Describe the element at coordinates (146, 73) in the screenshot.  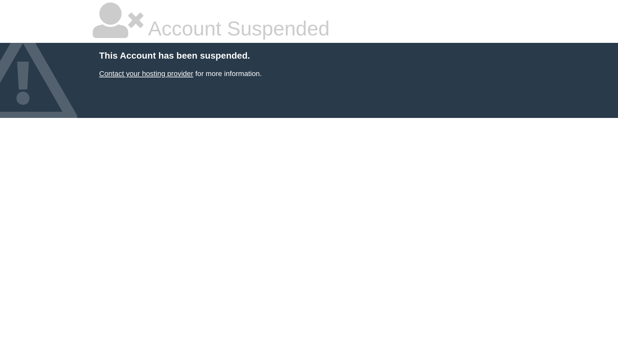
I see `'Contact your hosting provider'` at that location.